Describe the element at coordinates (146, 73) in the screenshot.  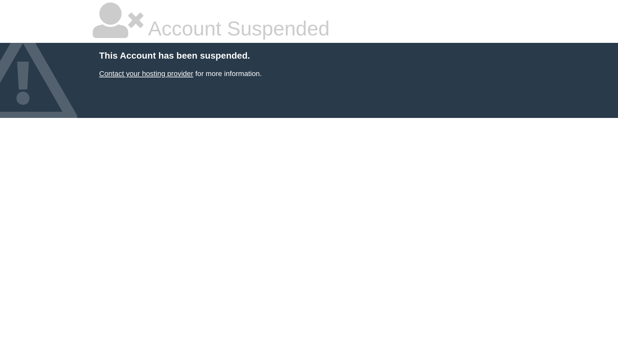
I see `'Contact your hosting provider'` at that location.